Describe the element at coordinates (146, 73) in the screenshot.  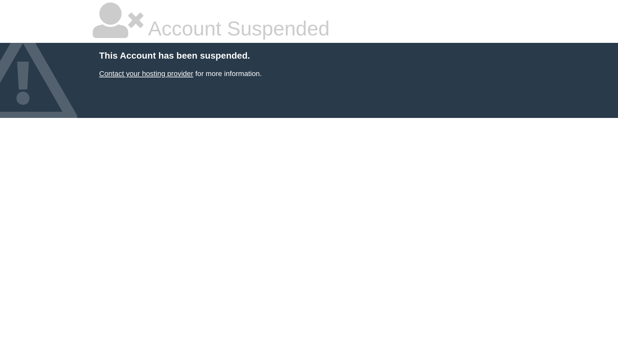
I see `'Contact your hosting provider'` at that location.